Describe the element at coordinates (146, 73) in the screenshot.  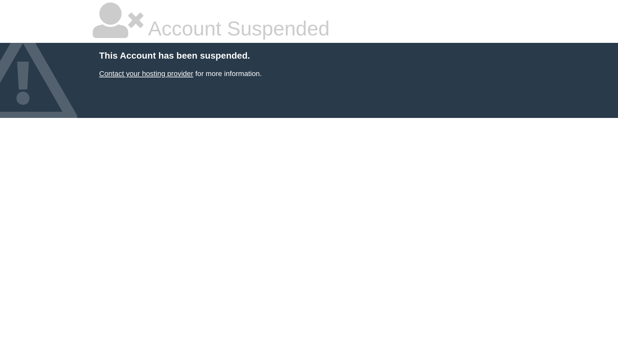
I see `'Contact your hosting provider'` at that location.